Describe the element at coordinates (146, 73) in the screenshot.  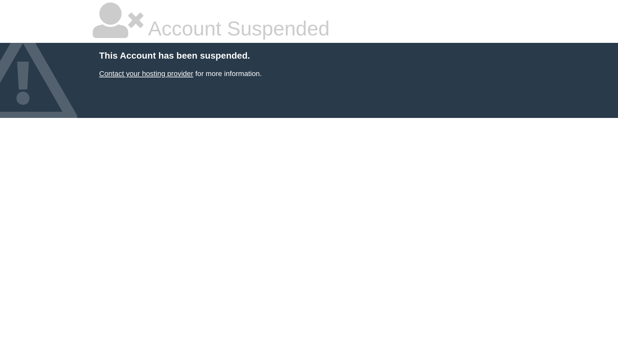
I see `'Contact your hosting provider'` at that location.